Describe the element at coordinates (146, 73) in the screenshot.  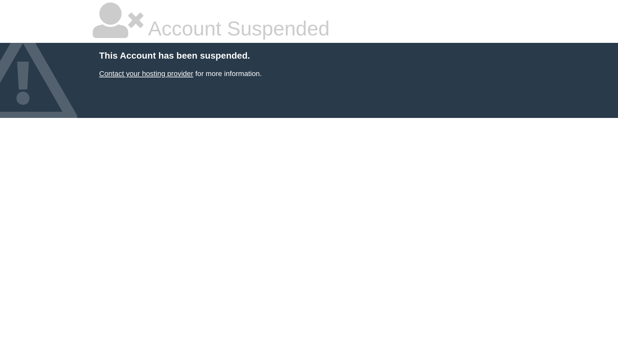
I see `'Contact your hosting provider'` at that location.